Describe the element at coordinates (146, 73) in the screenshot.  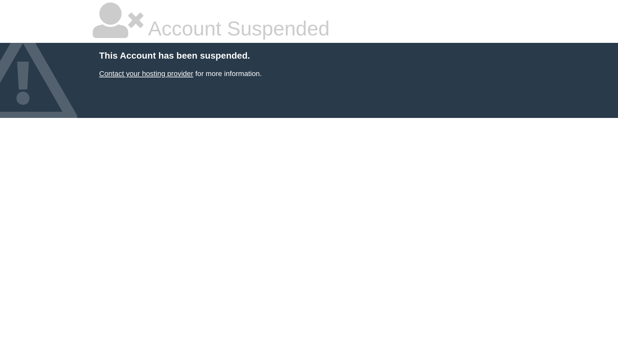
I see `'Contact your hosting provider'` at that location.